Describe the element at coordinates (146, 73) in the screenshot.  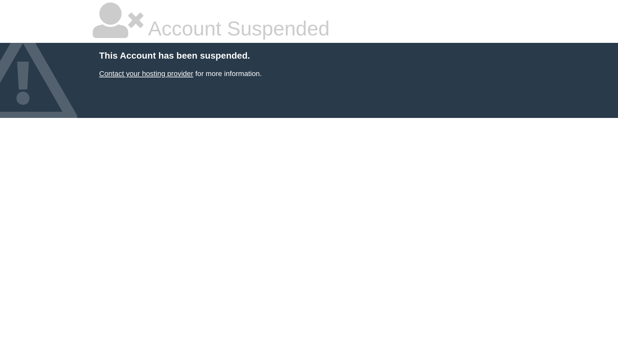
I see `'Contact your hosting provider'` at that location.